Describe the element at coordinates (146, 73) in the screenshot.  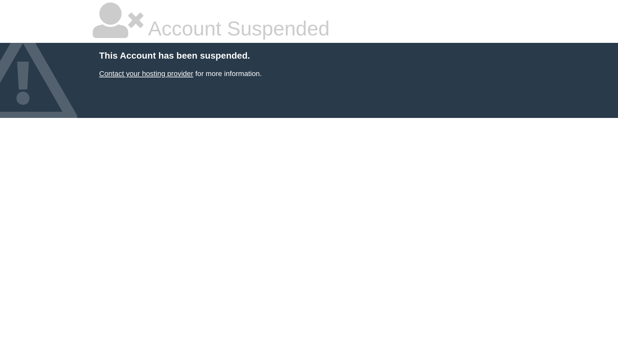
I see `'Contact your hosting provider'` at that location.